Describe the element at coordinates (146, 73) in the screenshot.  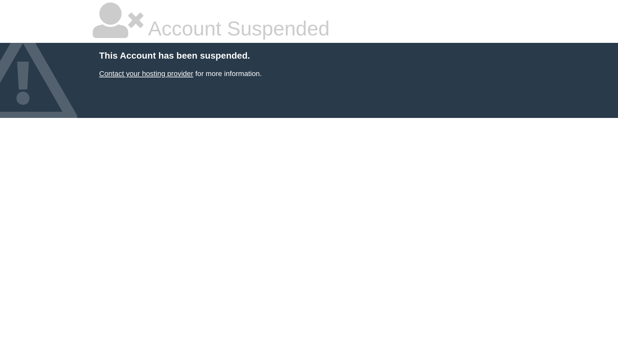
I see `'Contact your hosting provider'` at that location.